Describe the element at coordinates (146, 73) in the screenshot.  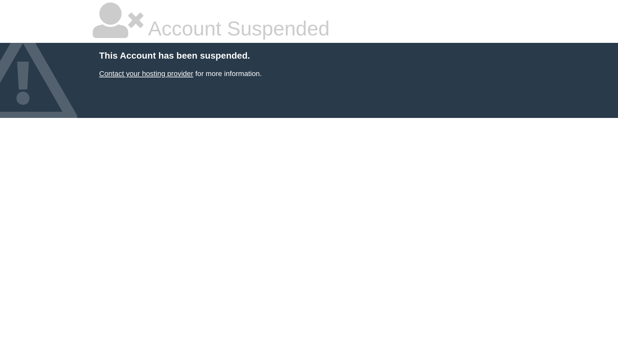
I see `'Contact your hosting provider'` at that location.